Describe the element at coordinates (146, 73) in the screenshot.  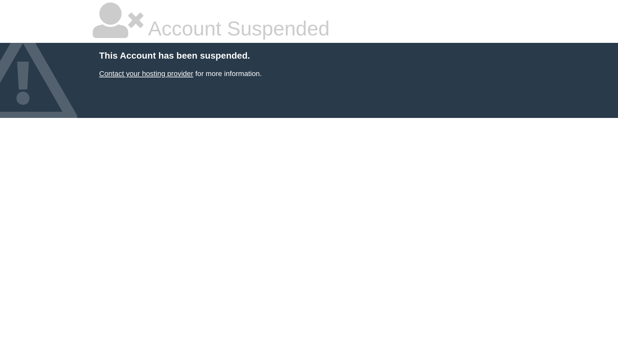
I see `'Contact your hosting provider'` at that location.